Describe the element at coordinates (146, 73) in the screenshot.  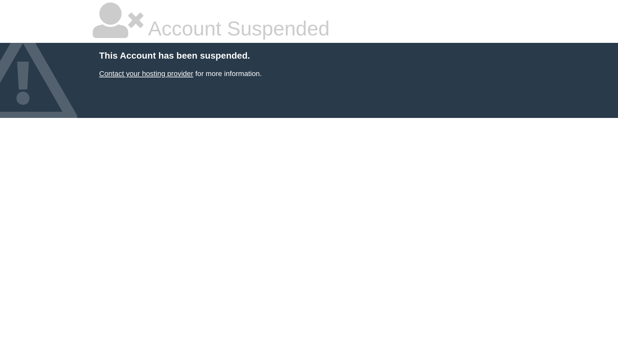
I see `'Contact your hosting provider'` at that location.